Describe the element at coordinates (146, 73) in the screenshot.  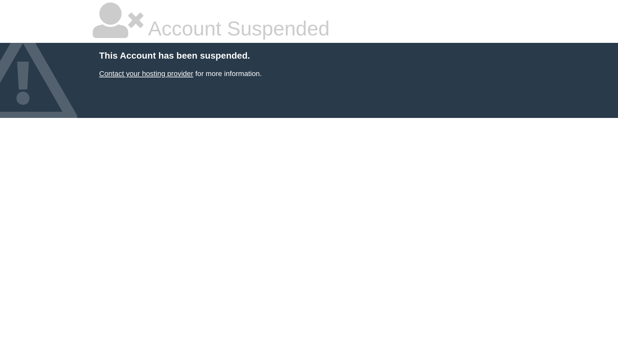
I see `'Contact your hosting provider'` at that location.